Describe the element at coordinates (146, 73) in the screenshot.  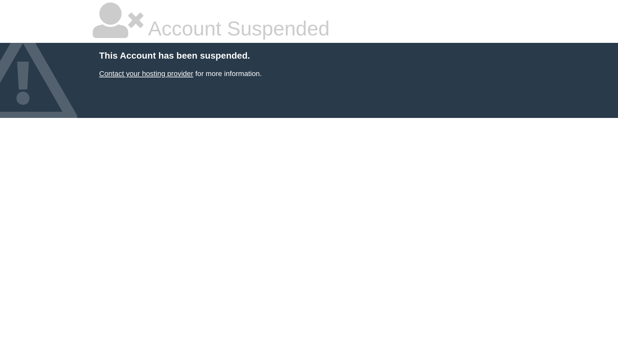
I see `'Contact your hosting provider'` at that location.